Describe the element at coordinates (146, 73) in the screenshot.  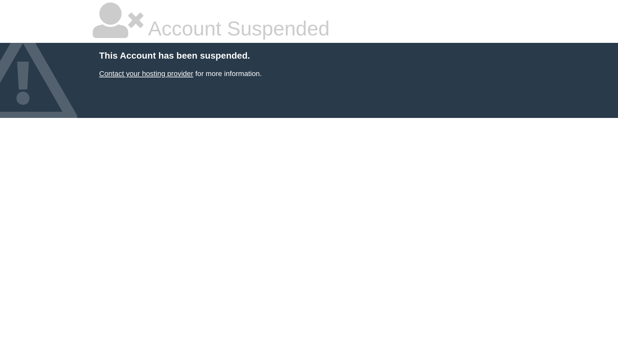
I see `'Contact your hosting provider'` at that location.